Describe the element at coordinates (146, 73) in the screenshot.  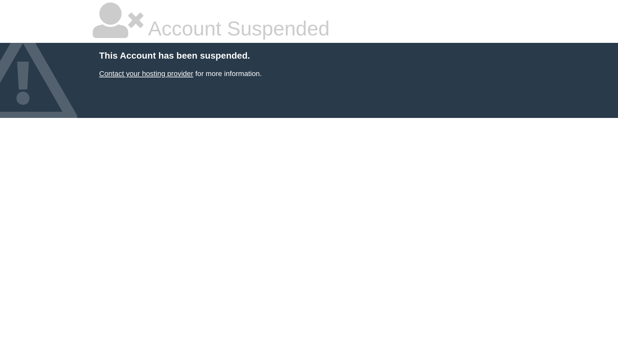
I see `'Contact your hosting provider'` at that location.